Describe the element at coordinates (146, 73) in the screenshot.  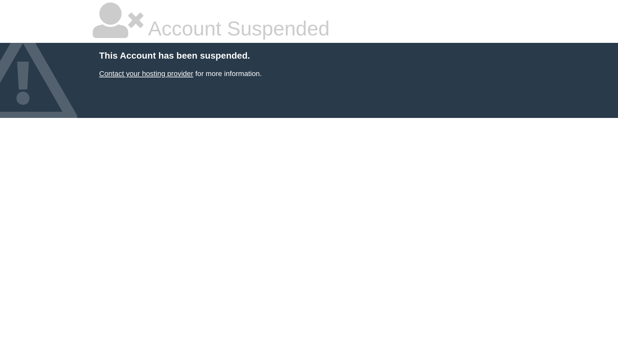
I see `'Contact your hosting provider'` at that location.